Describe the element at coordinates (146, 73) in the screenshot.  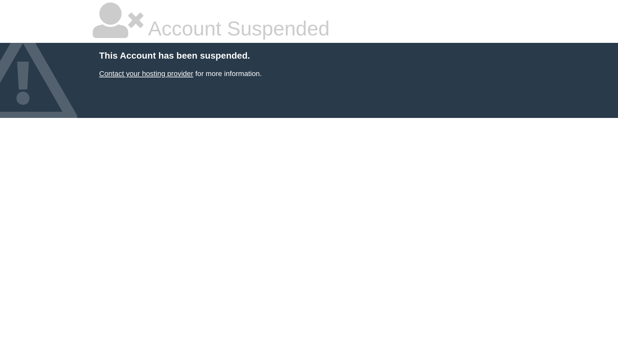
I see `'Contact your hosting provider'` at that location.